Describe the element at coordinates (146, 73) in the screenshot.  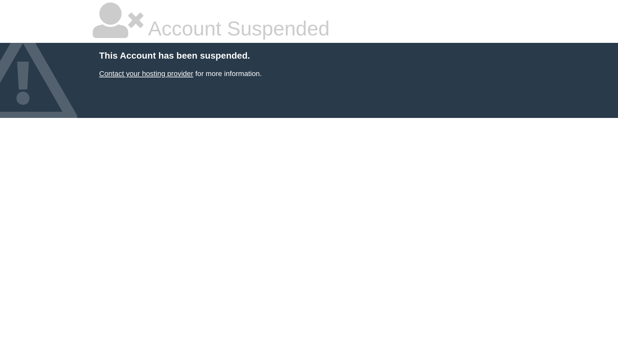
I see `'Contact your hosting provider'` at that location.